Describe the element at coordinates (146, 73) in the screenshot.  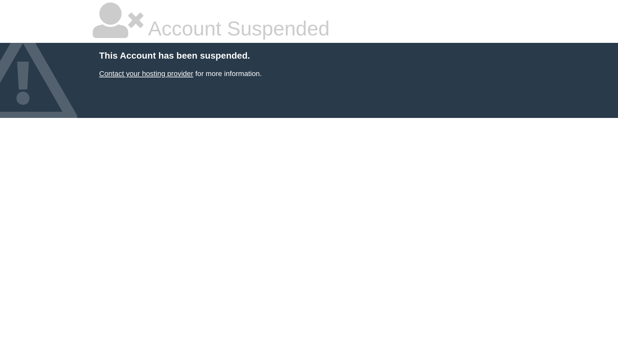
I see `'Contact your hosting provider'` at that location.